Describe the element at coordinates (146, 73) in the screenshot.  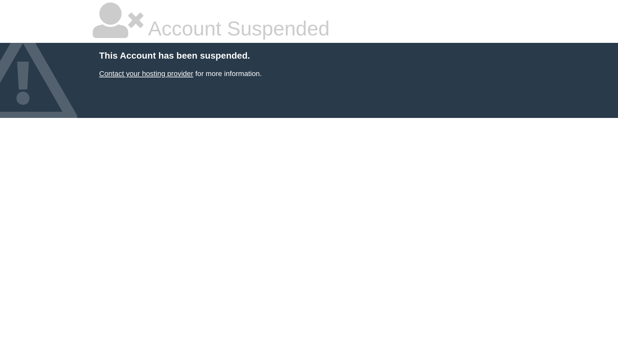
I see `'Contact your hosting provider'` at that location.